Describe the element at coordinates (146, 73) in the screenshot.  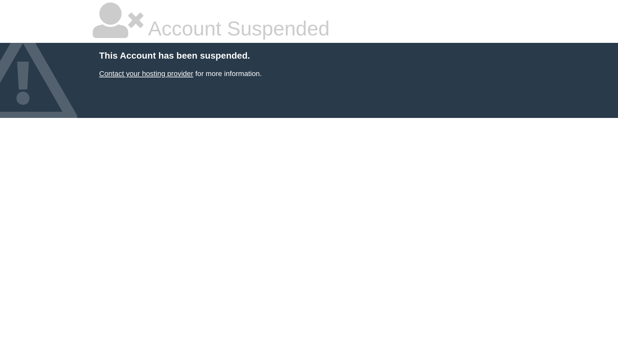
I see `'Contact your hosting provider'` at that location.